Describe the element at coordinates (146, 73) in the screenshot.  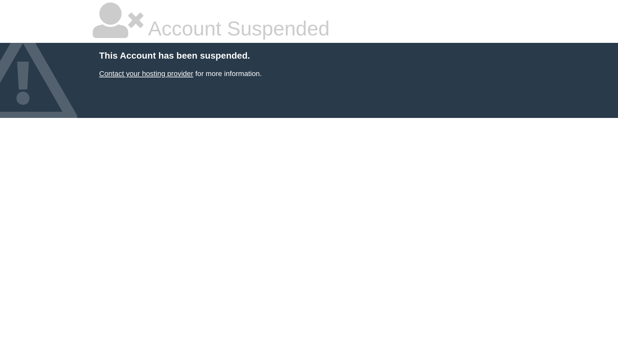
I see `'Contact your hosting provider'` at that location.